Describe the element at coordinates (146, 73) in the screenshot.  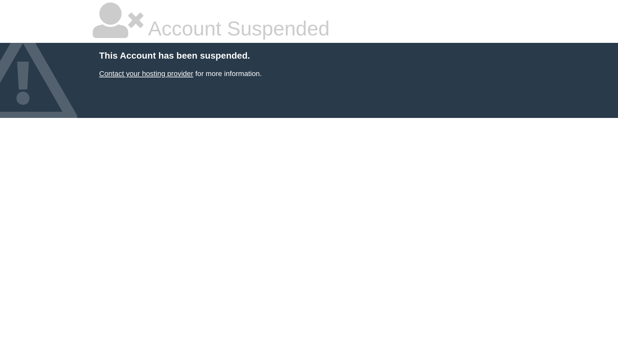
I see `'Contact your hosting provider'` at that location.